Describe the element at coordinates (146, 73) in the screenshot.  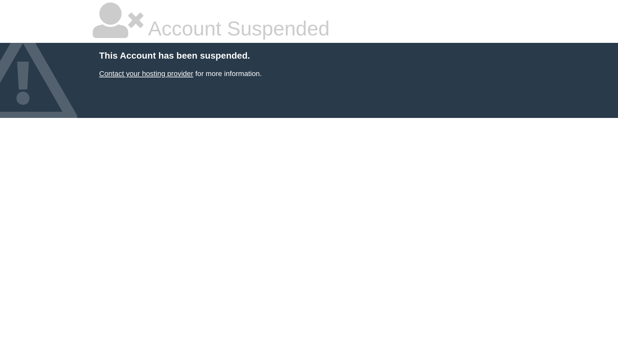
I see `'Contact your hosting provider'` at that location.